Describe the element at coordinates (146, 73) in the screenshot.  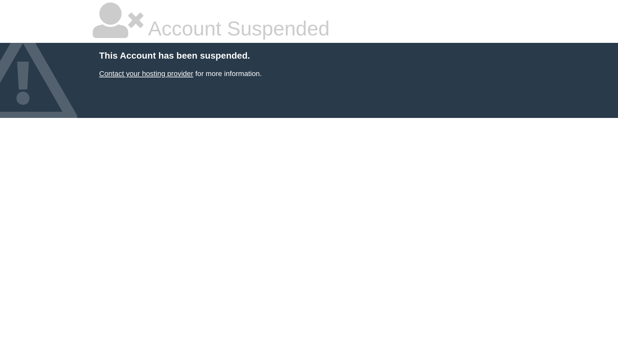
I see `'Contact your hosting provider'` at that location.